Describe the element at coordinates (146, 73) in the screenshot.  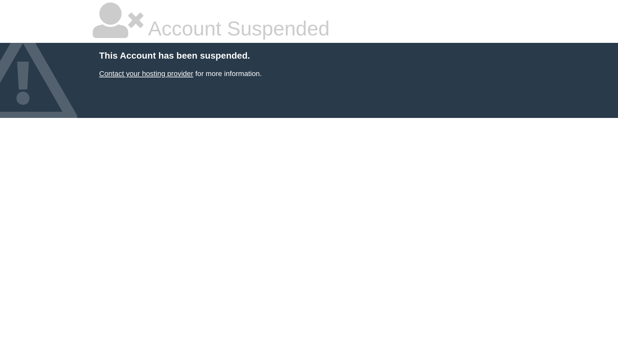
I see `'Contact your hosting provider'` at that location.